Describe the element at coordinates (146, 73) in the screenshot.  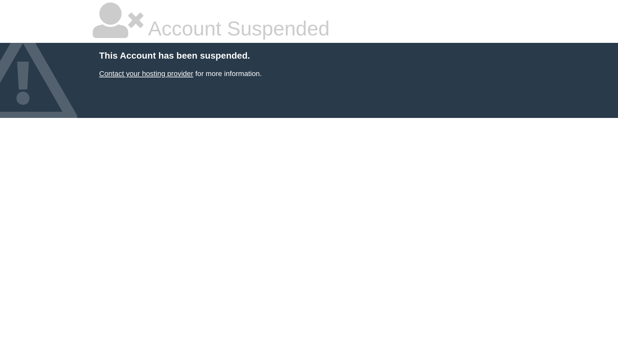
I see `'Contact your hosting provider'` at that location.